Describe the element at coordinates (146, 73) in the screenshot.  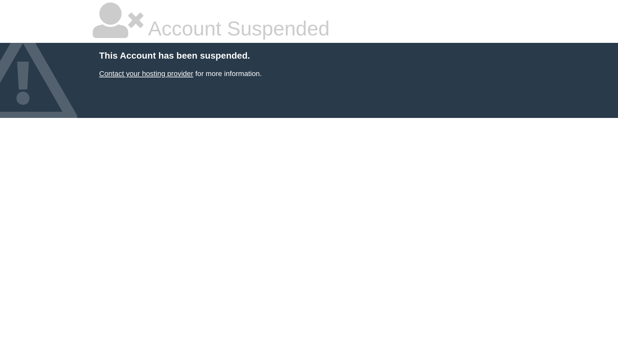
I see `'Contact your hosting provider'` at that location.